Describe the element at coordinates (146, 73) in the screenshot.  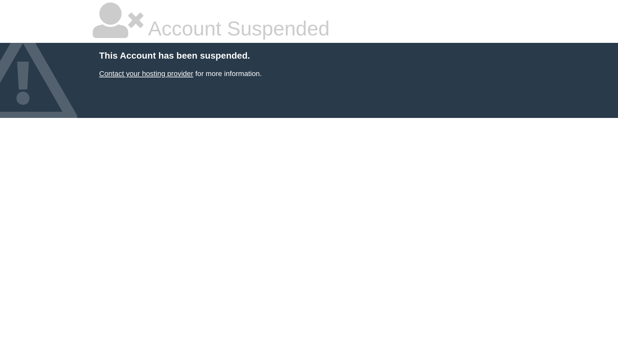
I see `'Contact your hosting provider'` at that location.